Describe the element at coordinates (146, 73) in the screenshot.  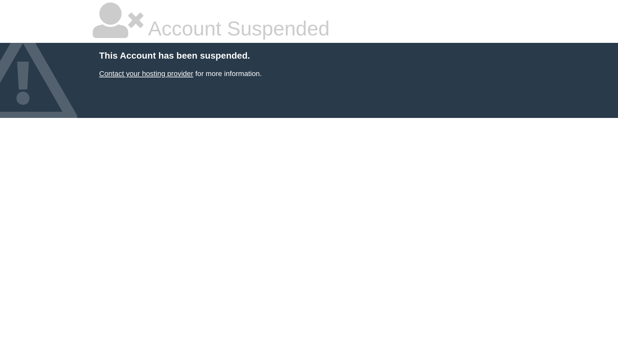
I see `'Contact your hosting provider'` at that location.